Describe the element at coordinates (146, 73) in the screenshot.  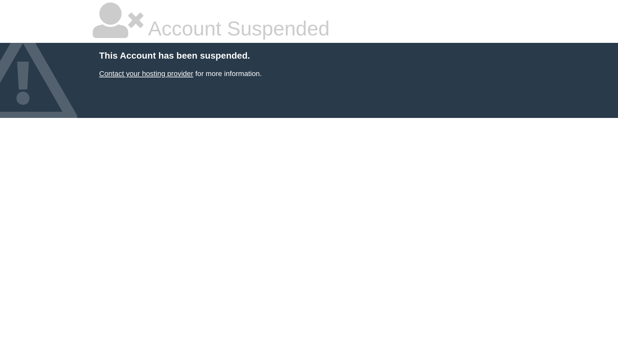
I see `'Contact your hosting provider'` at that location.